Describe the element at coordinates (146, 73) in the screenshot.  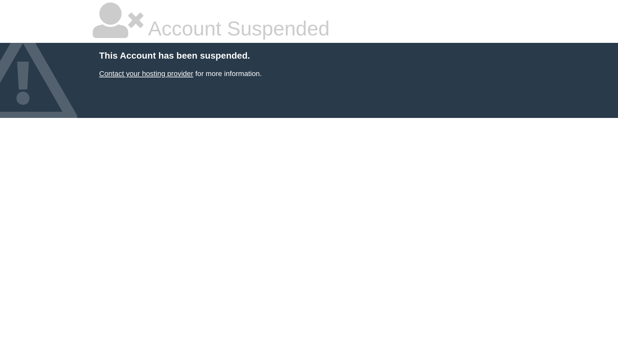
I see `'Contact your hosting provider'` at that location.